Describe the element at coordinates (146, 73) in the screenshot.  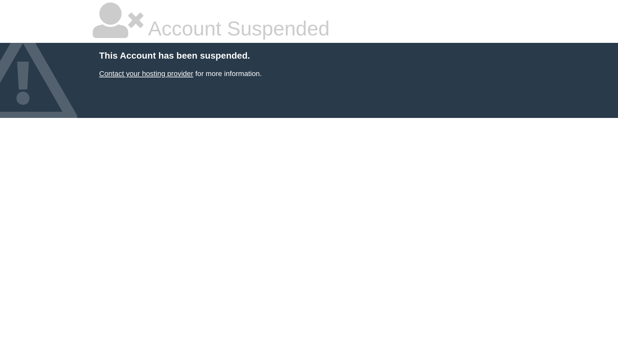
I see `'Contact your hosting provider'` at that location.